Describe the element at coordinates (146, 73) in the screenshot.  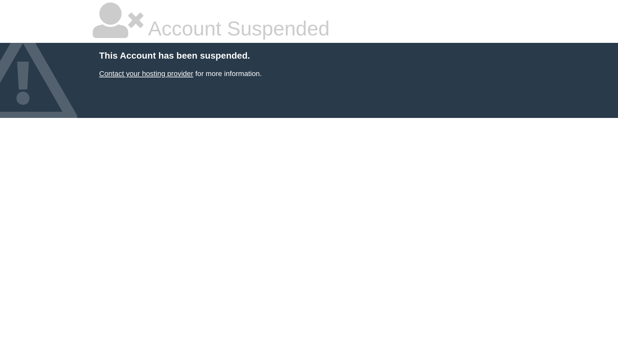
I see `'Contact your hosting provider'` at that location.